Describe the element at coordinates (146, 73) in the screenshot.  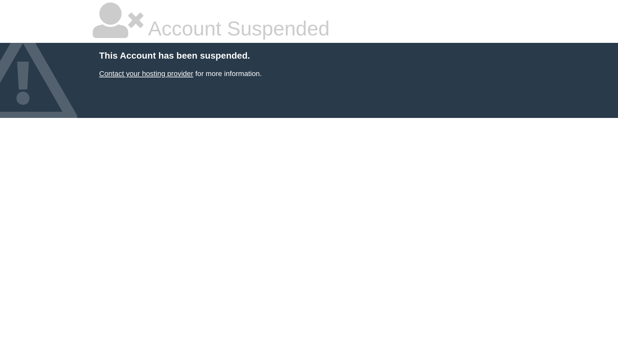
I see `'Contact your hosting provider'` at that location.